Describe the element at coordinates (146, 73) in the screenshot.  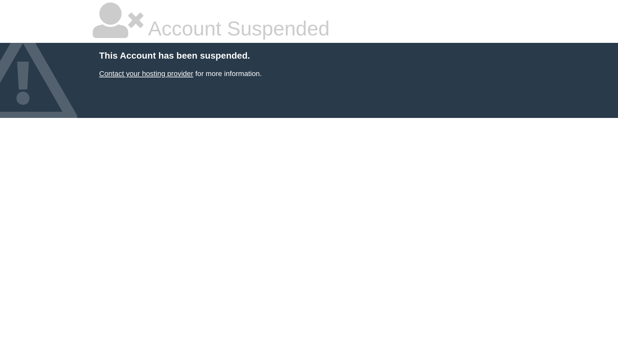
I see `'Contact your hosting provider'` at that location.